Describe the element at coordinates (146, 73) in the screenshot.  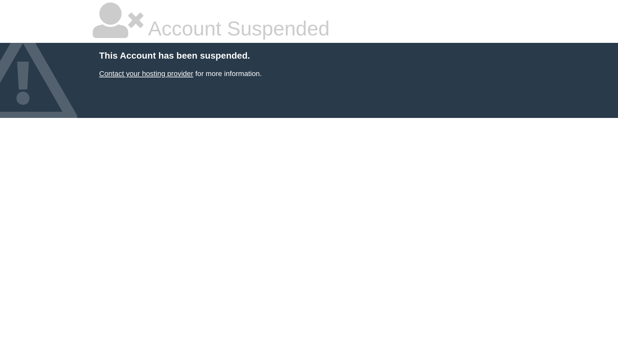
I see `'Contact your hosting provider'` at that location.